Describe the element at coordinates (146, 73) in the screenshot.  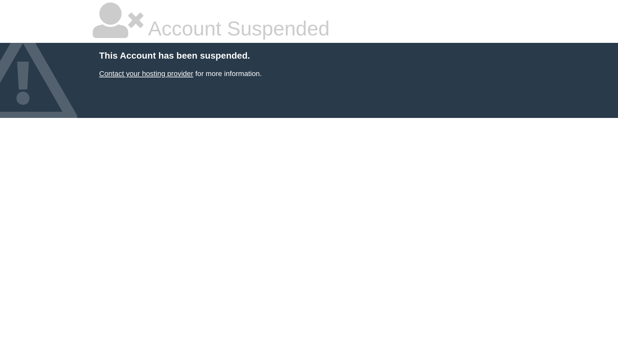
I see `'Contact your hosting provider'` at that location.